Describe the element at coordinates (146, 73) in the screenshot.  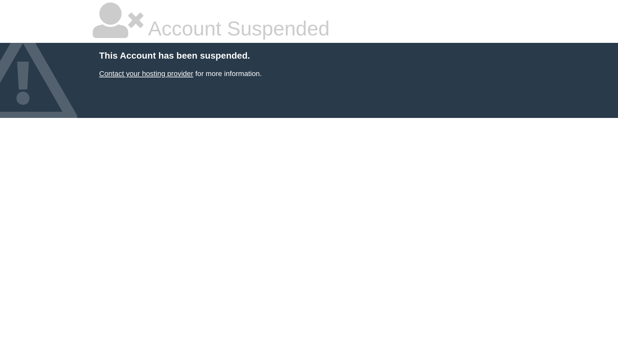
I see `'Contact your hosting provider'` at that location.